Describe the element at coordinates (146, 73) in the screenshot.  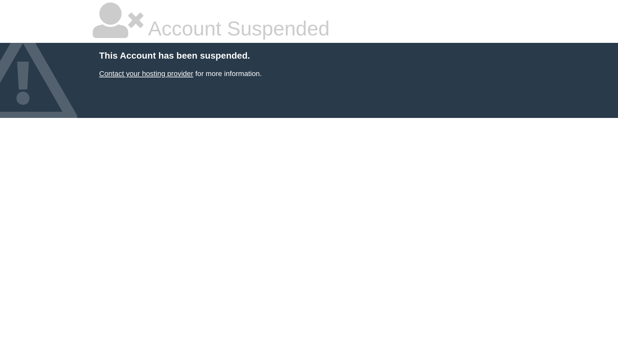
I see `'Contact your hosting provider'` at that location.